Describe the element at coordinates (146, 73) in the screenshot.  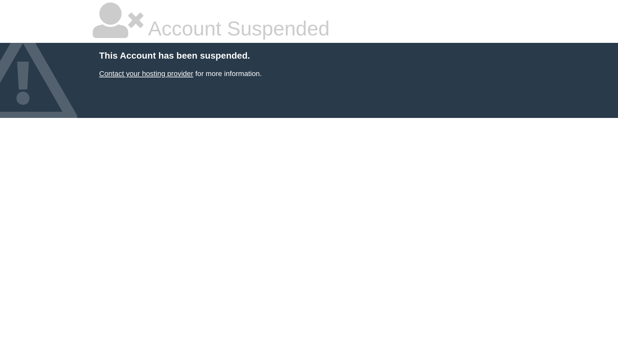
I see `'Contact your hosting provider'` at that location.